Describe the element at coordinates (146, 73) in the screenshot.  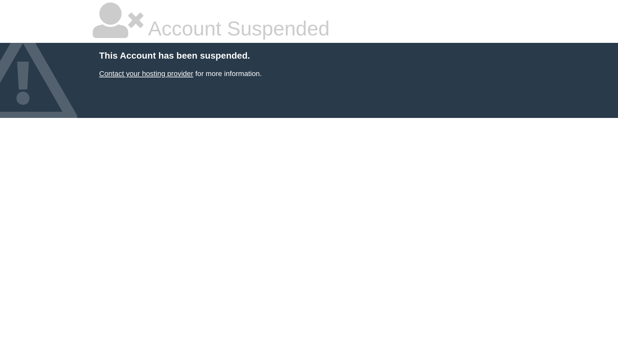
I see `'Contact your hosting provider'` at that location.